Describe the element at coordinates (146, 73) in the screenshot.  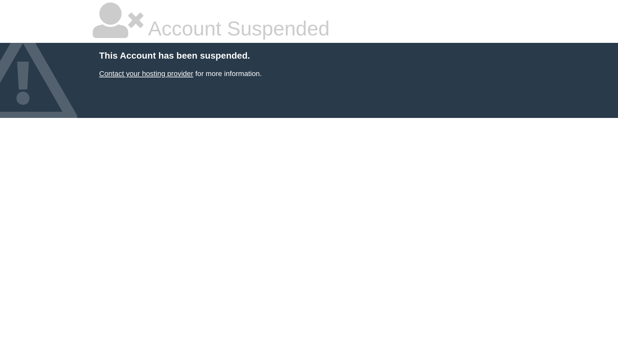
I see `'Contact your hosting provider'` at that location.